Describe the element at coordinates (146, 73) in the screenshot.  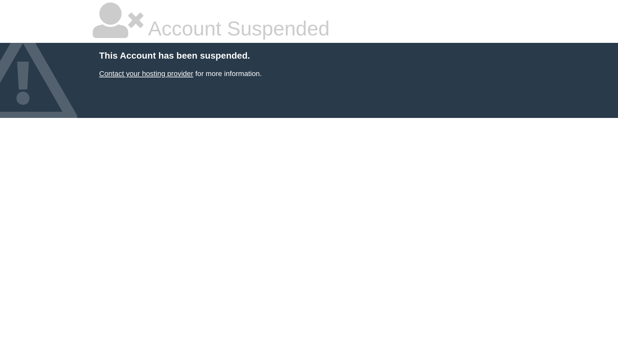
I see `'Contact your hosting provider'` at that location.